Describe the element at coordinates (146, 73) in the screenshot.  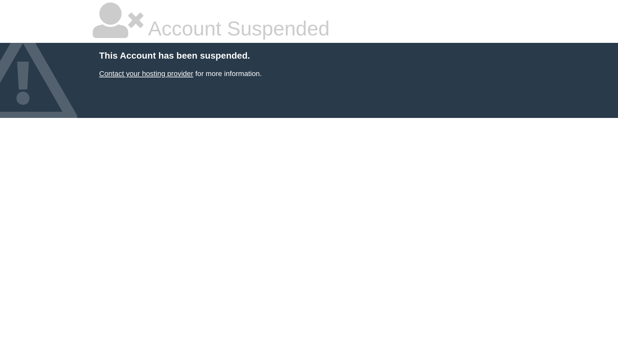
I see `'Contact your hosting provider'` at that location.